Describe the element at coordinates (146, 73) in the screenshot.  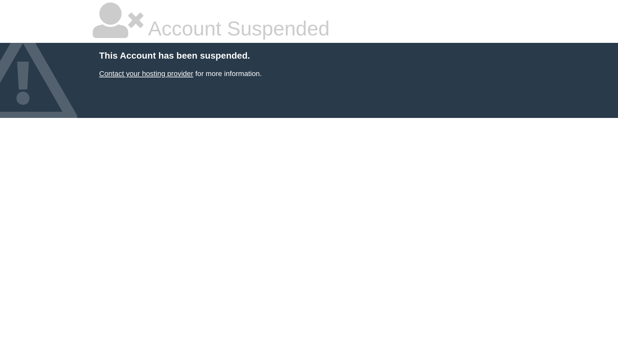
I see `'Contact your hosting provider'` at that location.